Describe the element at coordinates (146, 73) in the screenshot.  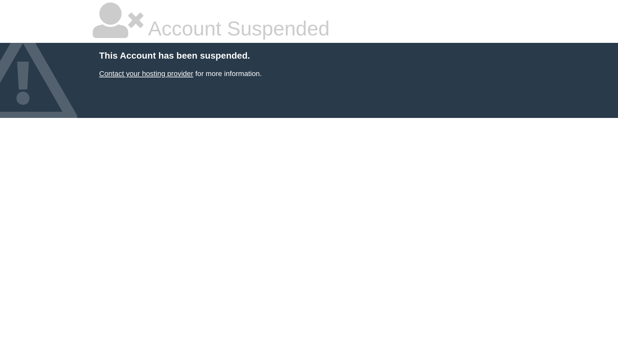
I see `'Contact your hosting provider'` at that location.